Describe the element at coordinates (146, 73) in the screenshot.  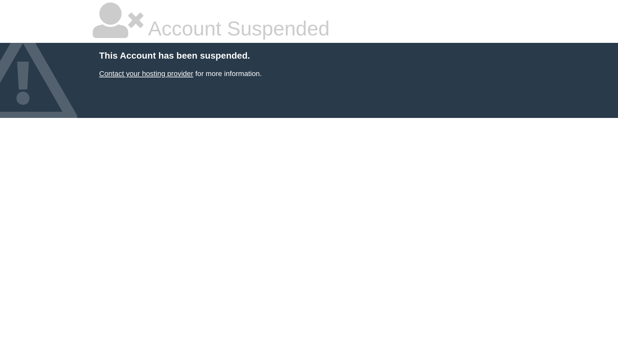
I see `'Contact your hosting provider'` at that location.